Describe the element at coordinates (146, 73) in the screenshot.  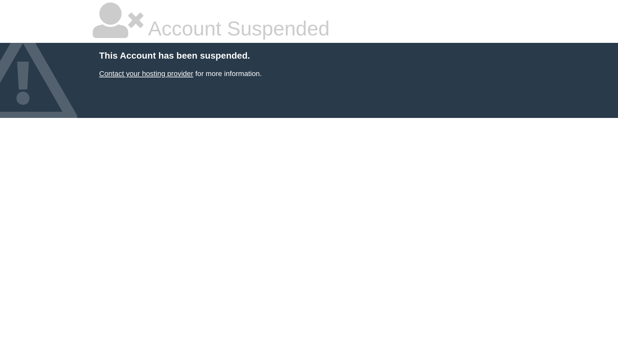
I see `'Contact your hosting provider'` at that location.